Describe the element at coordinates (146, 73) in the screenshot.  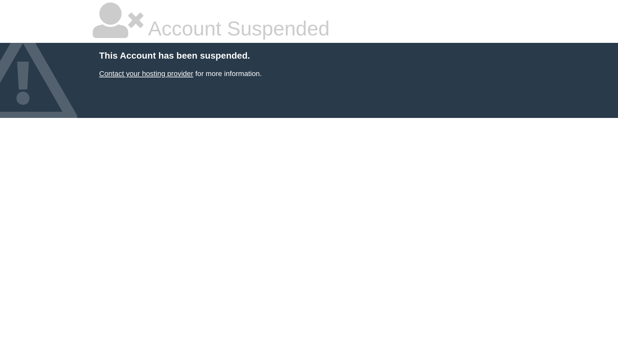
I see `'Contact your hosting provider'` at that location.